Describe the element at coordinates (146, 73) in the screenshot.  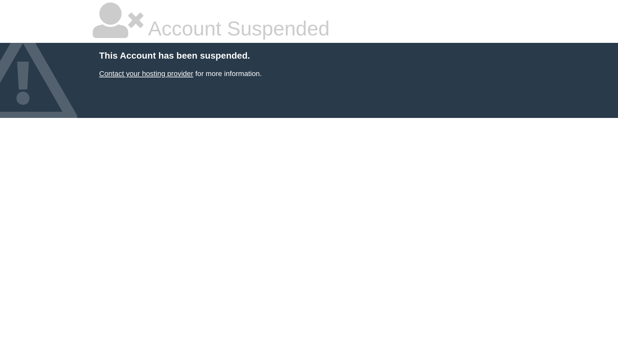
I see `'Contact your hosting provider'` at that location.